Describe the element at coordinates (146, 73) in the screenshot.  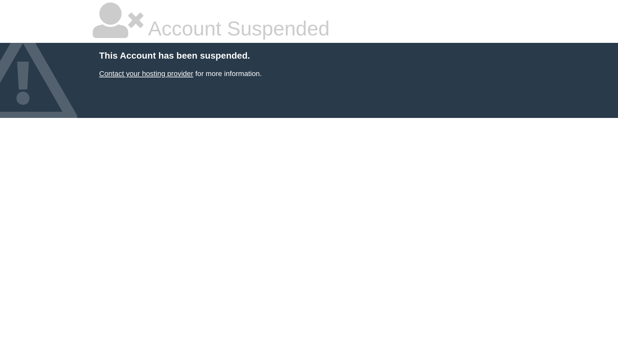
I see `'Contact your hosting provider'` at that location.